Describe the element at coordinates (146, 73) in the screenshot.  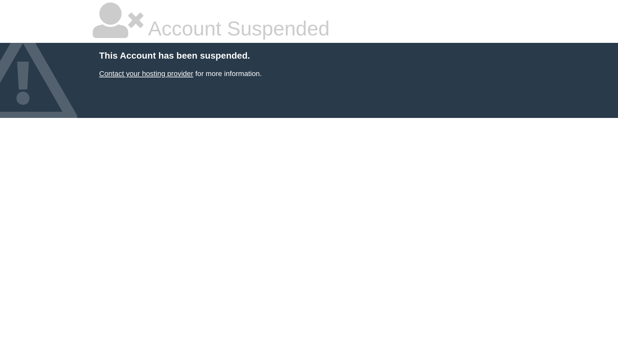
I see `'Contact your hosting provider'` at that location.